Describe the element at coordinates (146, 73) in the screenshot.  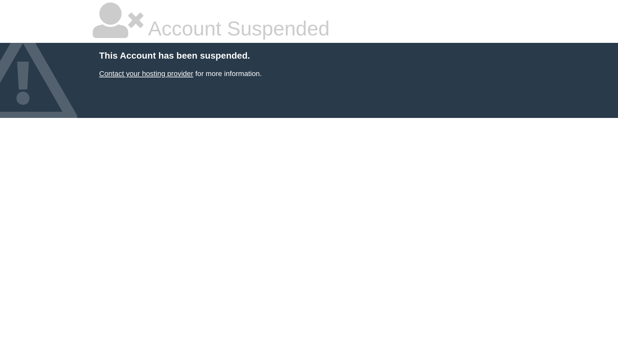
I see `'Contact your hosting provider'` at that location.